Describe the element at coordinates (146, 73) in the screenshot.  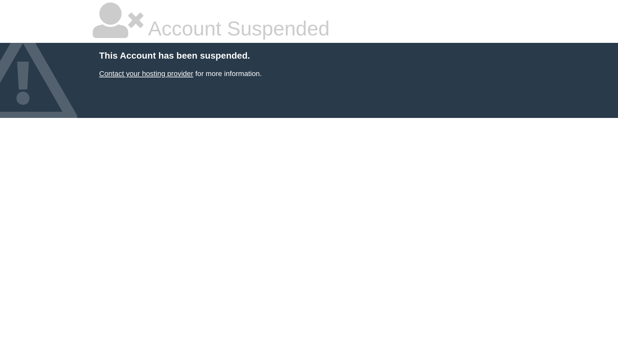
I see `'Contact your hosting provider'` at that location.